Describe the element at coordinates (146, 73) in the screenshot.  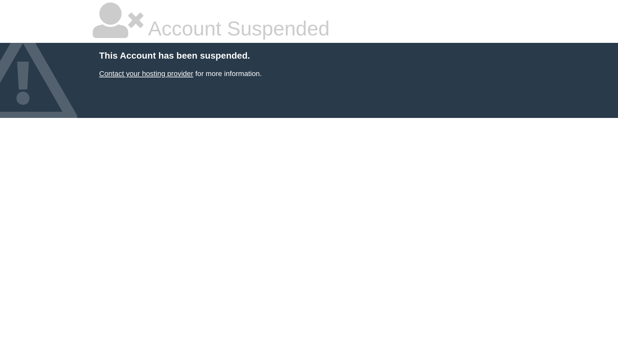
I see `'Contact your hosting provider'` at that location.